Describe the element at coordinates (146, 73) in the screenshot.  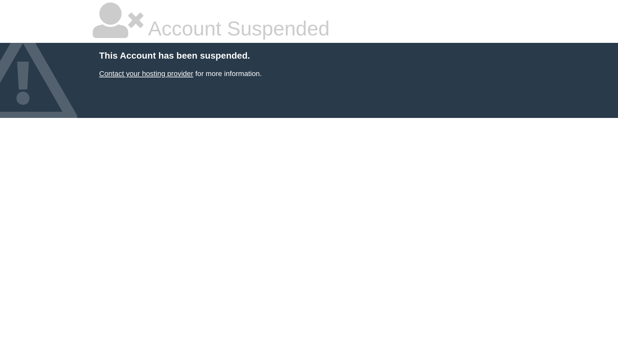
I see `'Contact your hosting provider'` at that location.